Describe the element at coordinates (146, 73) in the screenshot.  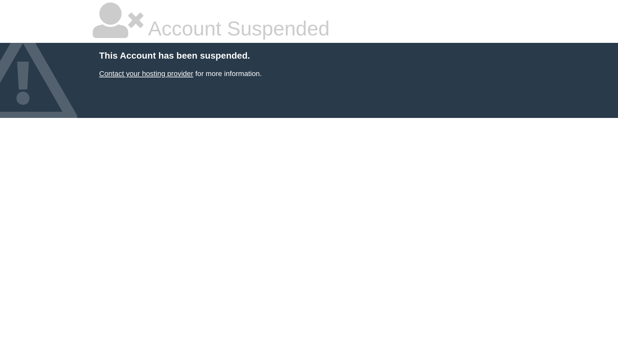
I see `'Contact your hosting provider'` at that location.